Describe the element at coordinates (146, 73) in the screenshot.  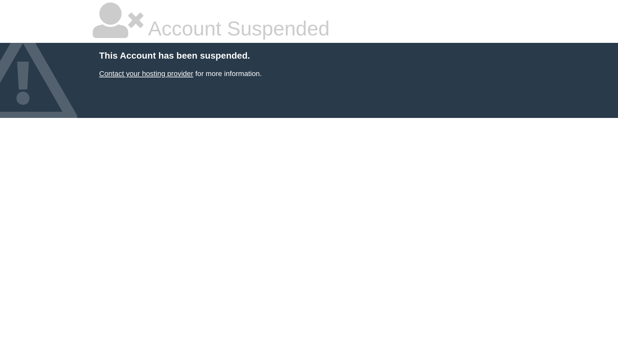
I see `'Contact your hosting provider'` at that location.